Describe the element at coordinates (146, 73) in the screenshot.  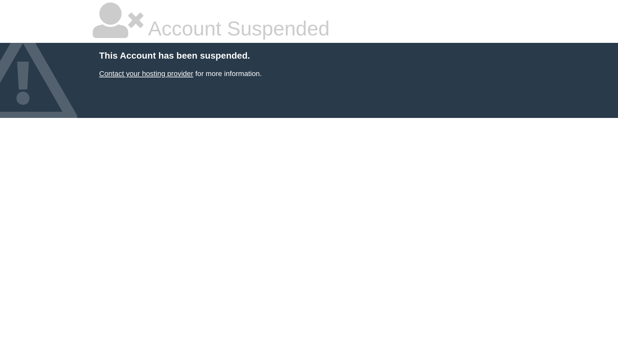
I see `'Contact your hosting provider'` at that location.